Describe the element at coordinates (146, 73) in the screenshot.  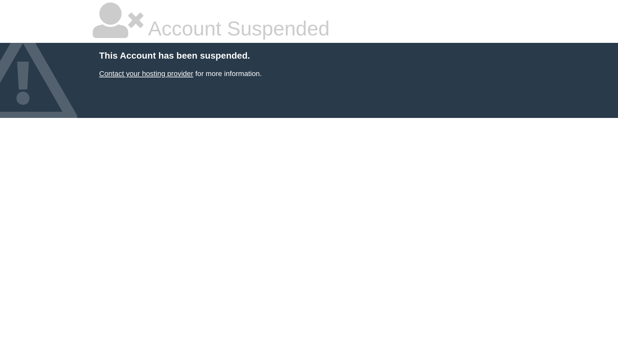
I see `'Contact your hosting provider'` at that location.